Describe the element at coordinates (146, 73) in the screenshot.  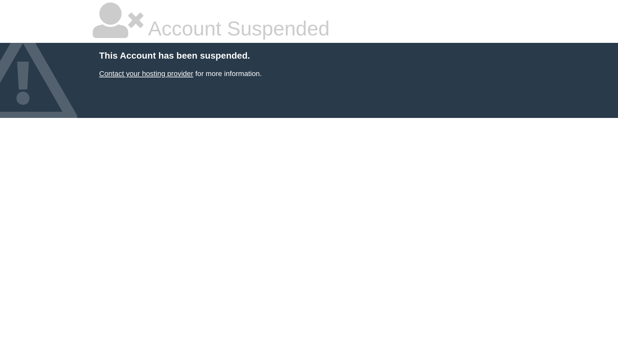
I see `'Contact your hosting provider'` at that location.